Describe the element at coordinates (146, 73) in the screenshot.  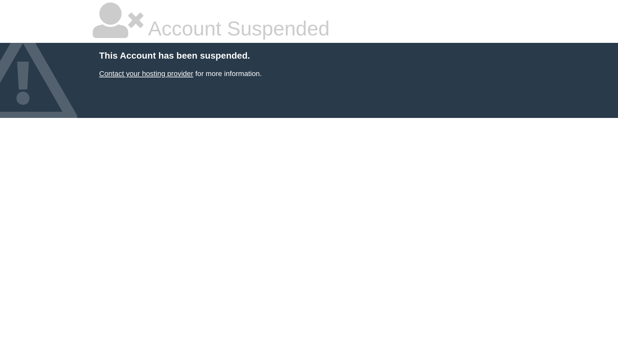
I see `'Contact your hosting provider'` at that location.